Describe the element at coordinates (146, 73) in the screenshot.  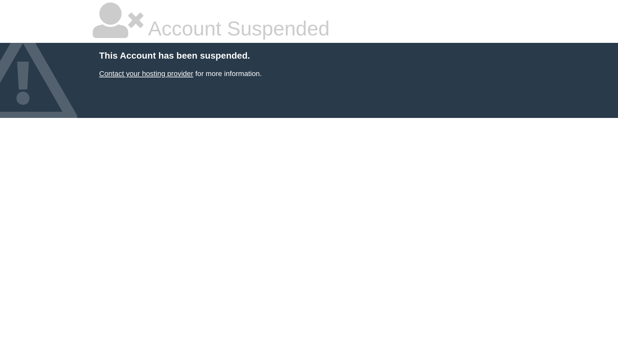
I see `'Contact your hosting provider'` at that location.